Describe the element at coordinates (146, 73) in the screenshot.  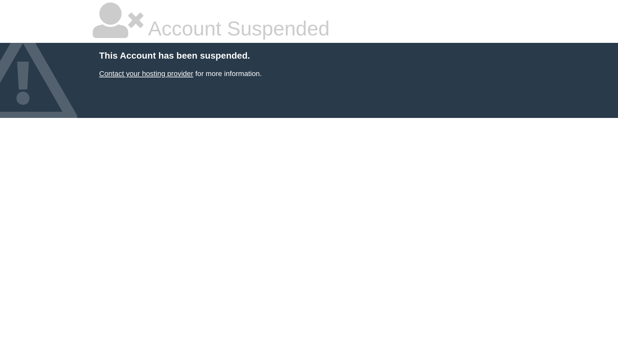
I see `'Contact your hosting provider'` at that location.